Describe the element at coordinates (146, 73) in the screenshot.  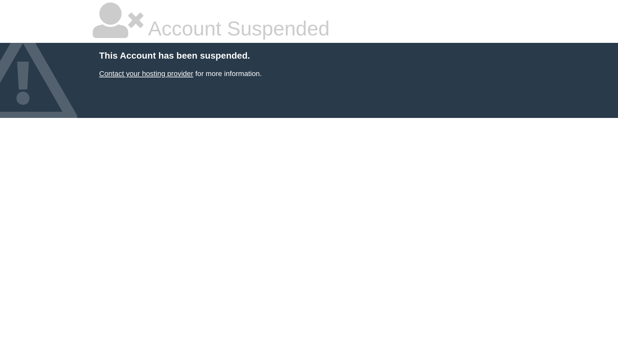
I see `'Contact your hosting provider'` at that location.